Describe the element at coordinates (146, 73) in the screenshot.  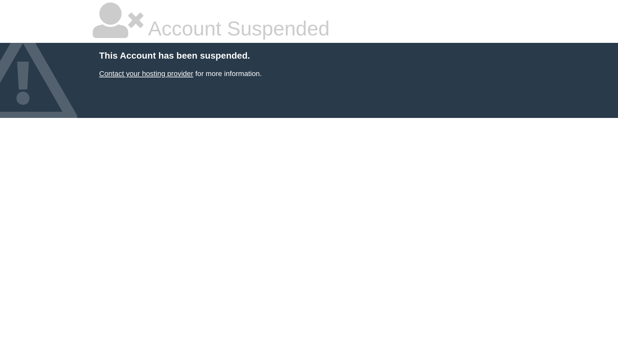
I see `'Contact your hosting provider'` at that location.